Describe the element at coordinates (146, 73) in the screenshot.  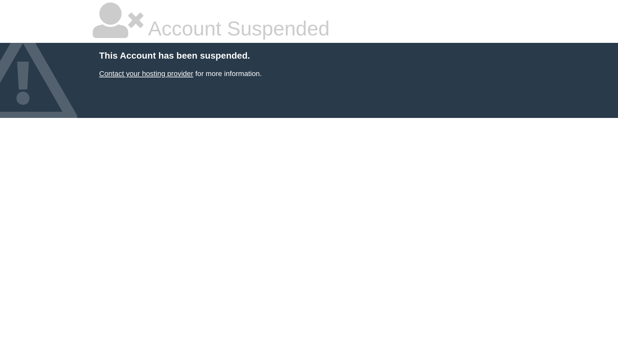
I see `'Contact your hosting provider'` at that location.